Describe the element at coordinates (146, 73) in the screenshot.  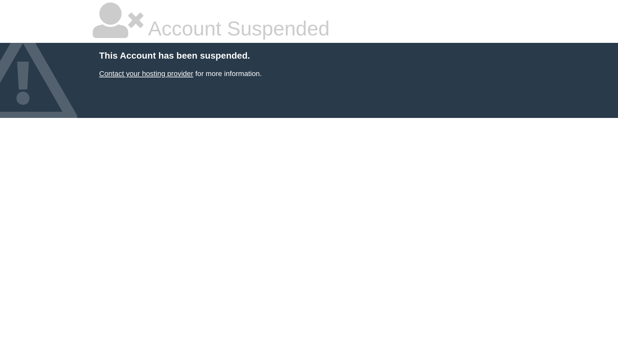
I see `'Contact your hosting provider'` at that location.